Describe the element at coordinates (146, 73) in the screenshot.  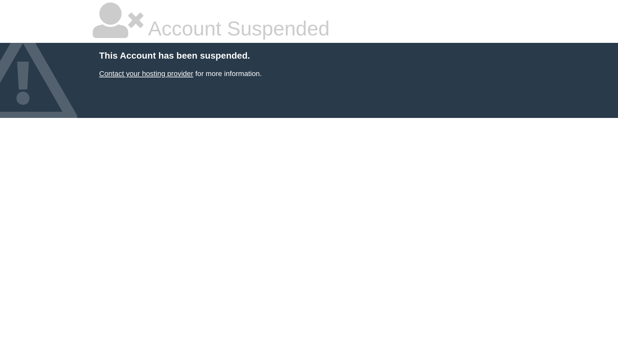
I see `'Contact your hosting provider'` at that location.